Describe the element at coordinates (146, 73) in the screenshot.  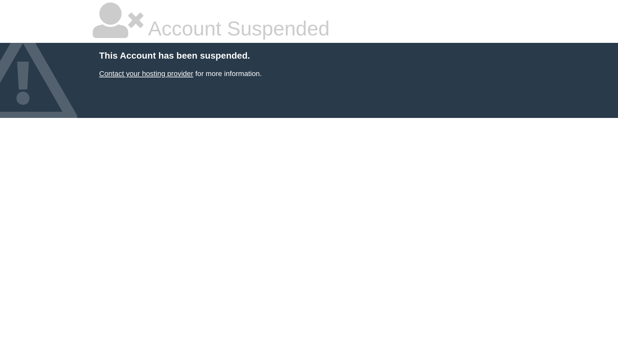
I see `'Contact your hosting provider'` at that location.